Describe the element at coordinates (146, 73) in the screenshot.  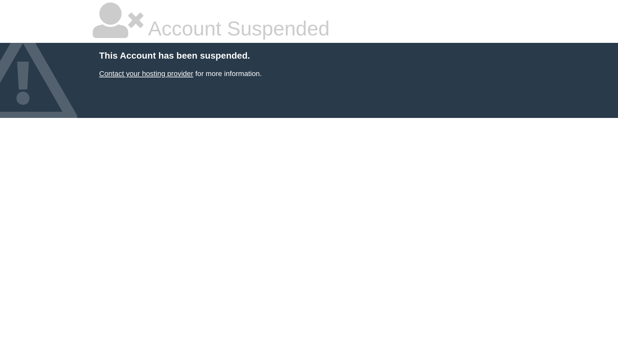
I see `'Contact your hosting provider'` at that location.